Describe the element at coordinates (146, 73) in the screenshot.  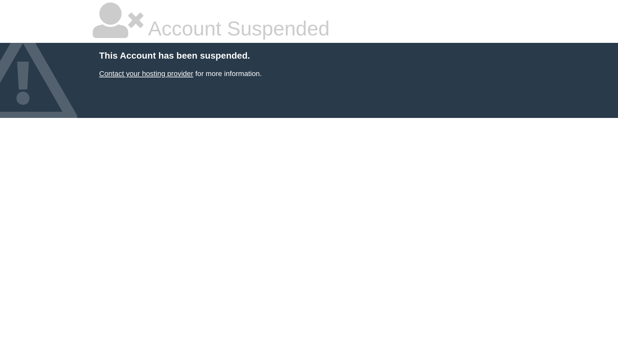
I see `'Contact your hosting provider'` at that location.